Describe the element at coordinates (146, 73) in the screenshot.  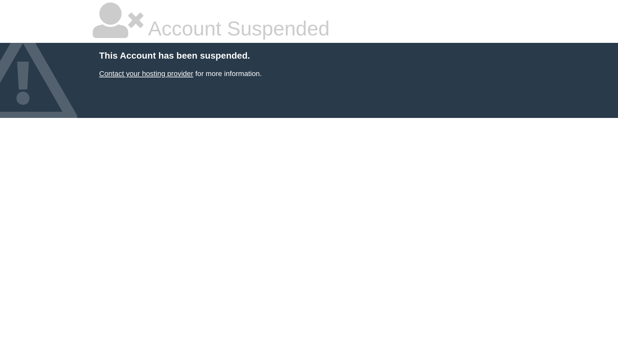
I see `'Contact your hosting provider'` at that location.